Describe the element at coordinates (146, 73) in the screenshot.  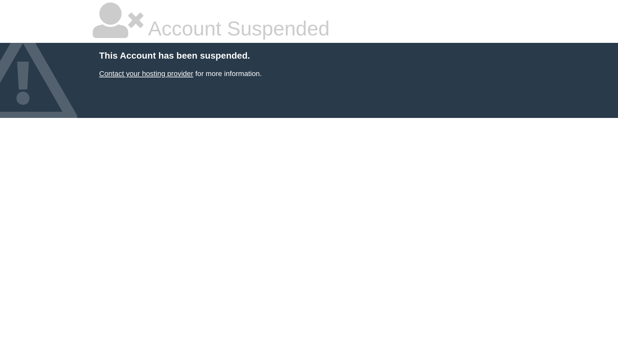
I see `'Contact your hosting provider'` at that location.